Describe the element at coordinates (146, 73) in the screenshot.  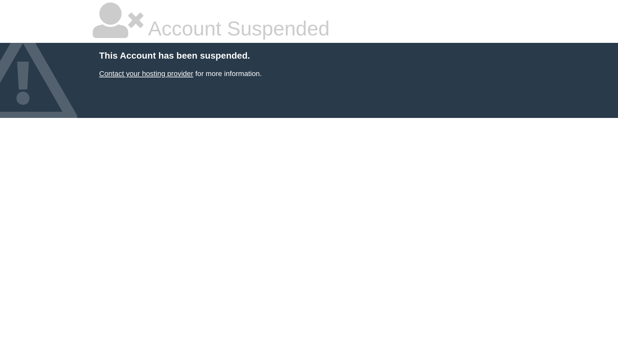
I see `'Contact your hosting provider'` at that location.